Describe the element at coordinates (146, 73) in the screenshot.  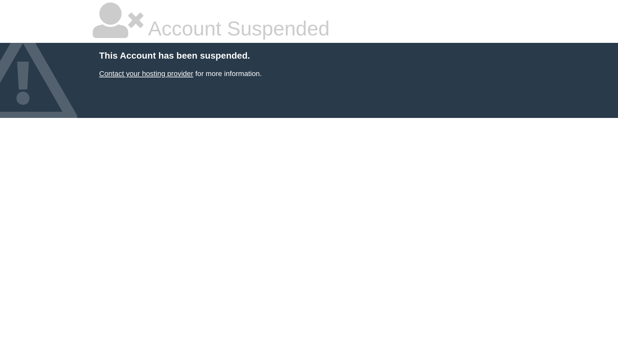
I see `'Contact your hosting provider'` at that location.